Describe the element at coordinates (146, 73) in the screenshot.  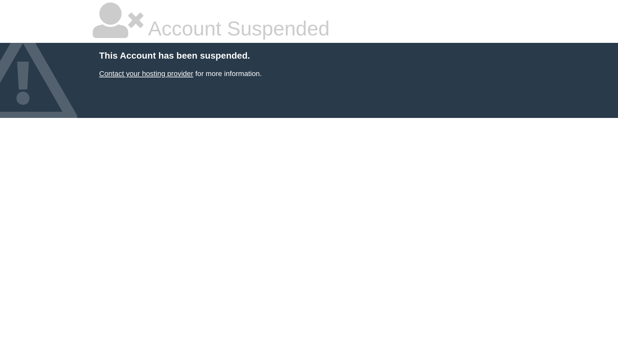
I see `'Contact your hosting provider'` at that location.